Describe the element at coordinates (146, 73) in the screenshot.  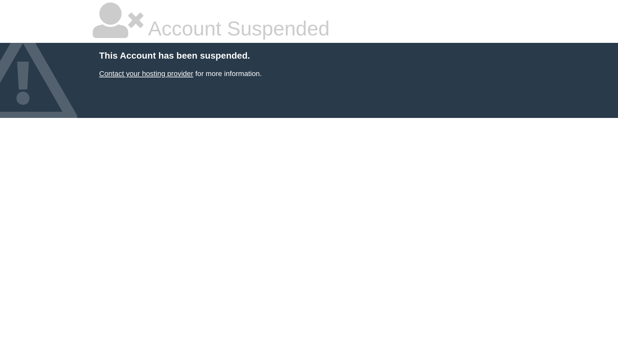
I see `'Contact your hosting provider'` at that location.